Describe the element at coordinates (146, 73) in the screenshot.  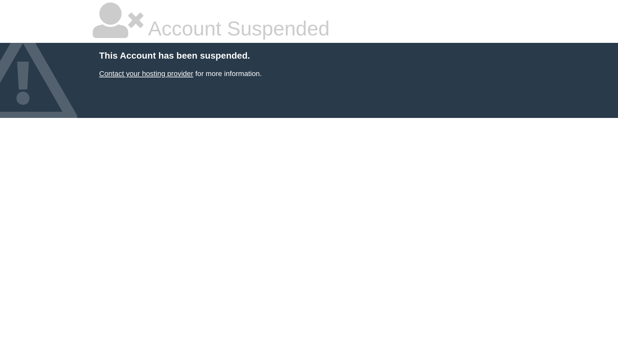
I see `'Contact your hosting provider'` at that location.